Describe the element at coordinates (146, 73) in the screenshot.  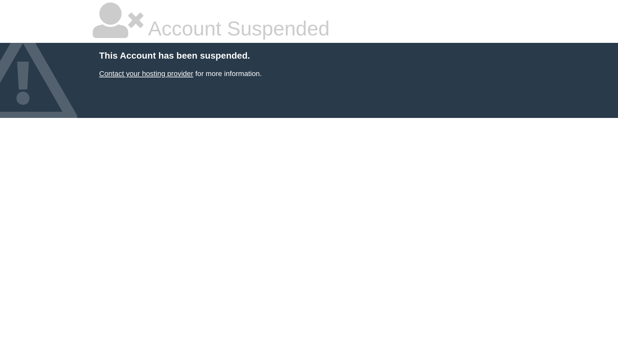
I see `'Contact your hosting provider'` at that location.